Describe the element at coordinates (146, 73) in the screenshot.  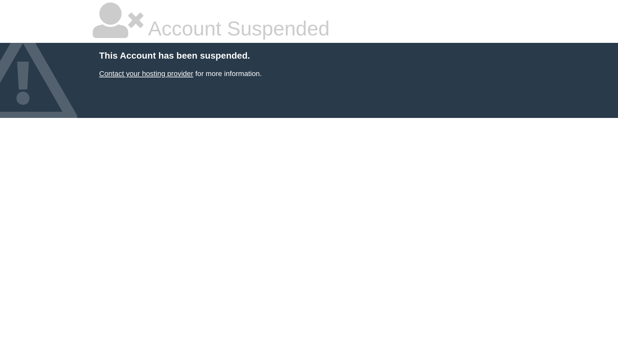
I see `'Contact your hosting provider'` at that location.